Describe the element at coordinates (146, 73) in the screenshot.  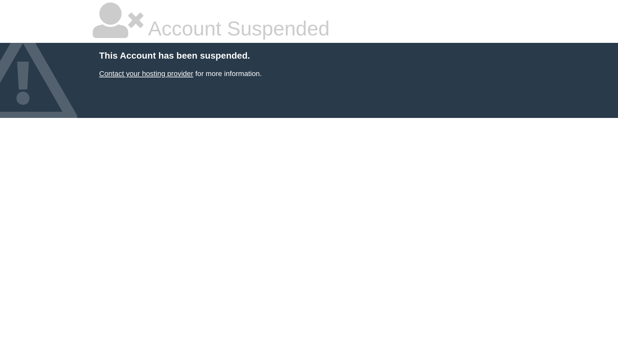
I see `'Contact your hosting provider'` at that location.